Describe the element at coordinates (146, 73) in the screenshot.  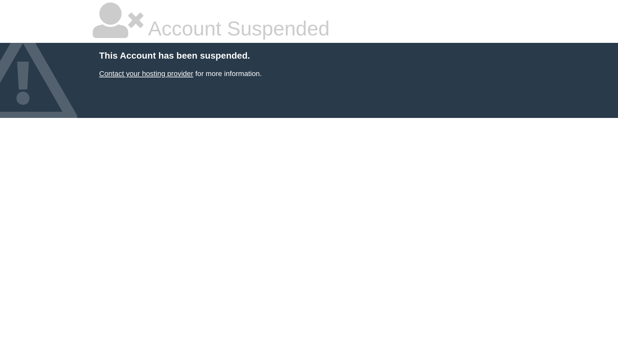
I see `'Contact your hosting provider'` at that location.